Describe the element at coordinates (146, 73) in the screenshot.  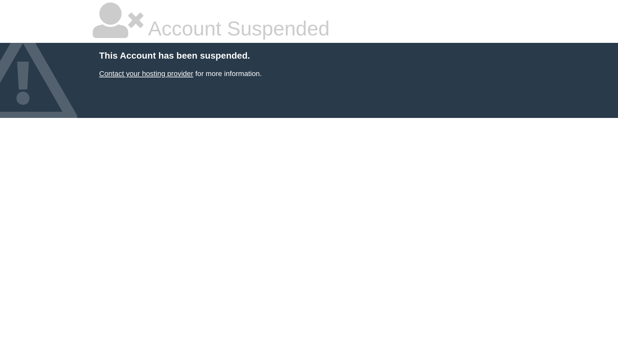
I see `'Contact your hosting provider'` at that location.